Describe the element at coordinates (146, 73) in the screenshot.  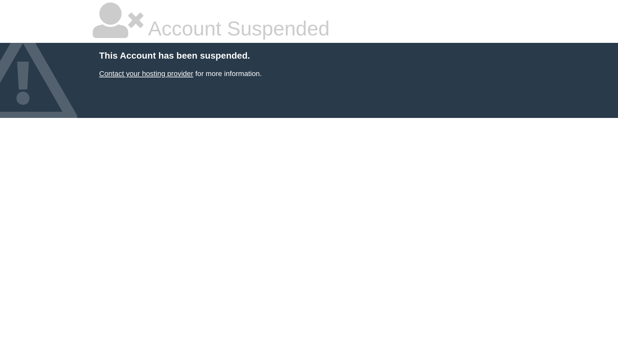
I see `'Contact your hosting provider'` at that location.